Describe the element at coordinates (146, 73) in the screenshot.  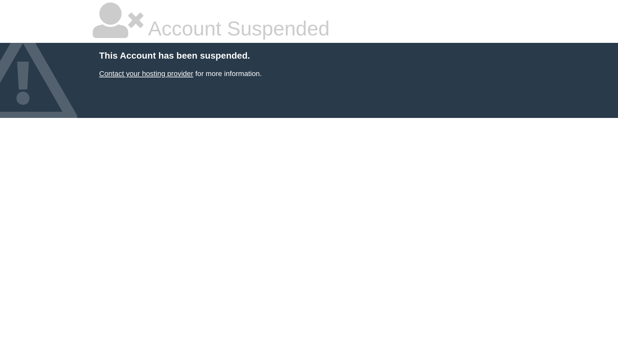
I see `'Contact your hosting provider'` at that location.